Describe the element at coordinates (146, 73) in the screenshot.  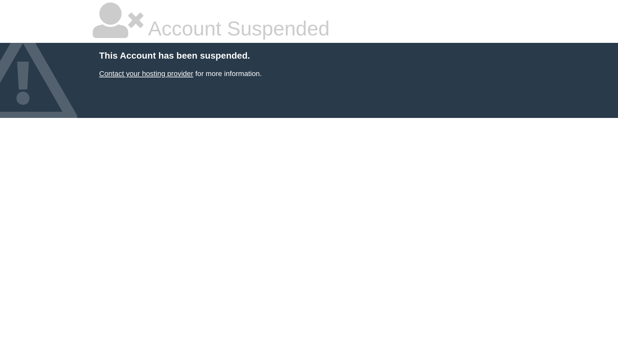
I see `'Contact your hosting provider'` at that location.